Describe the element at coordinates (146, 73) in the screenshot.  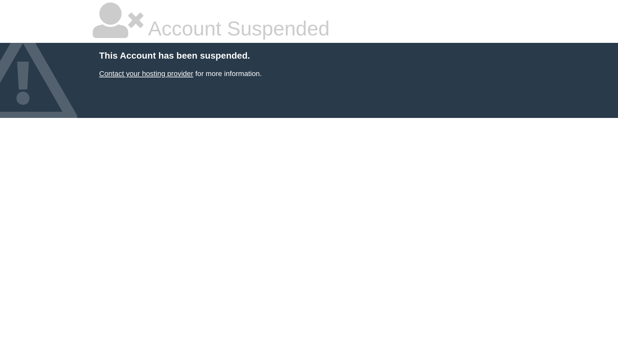
I see `'Contact your hosting provider'` at that location.